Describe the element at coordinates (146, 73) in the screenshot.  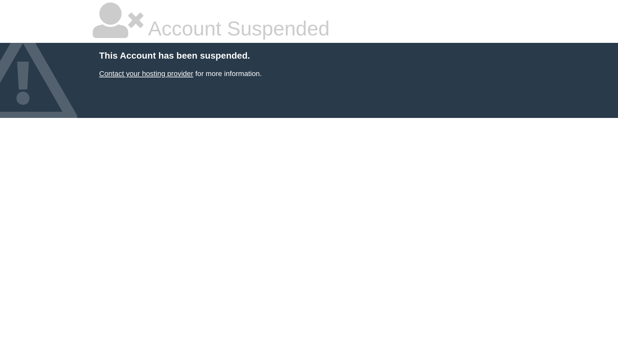
I see `'Contact your hosting provider'` at that location.